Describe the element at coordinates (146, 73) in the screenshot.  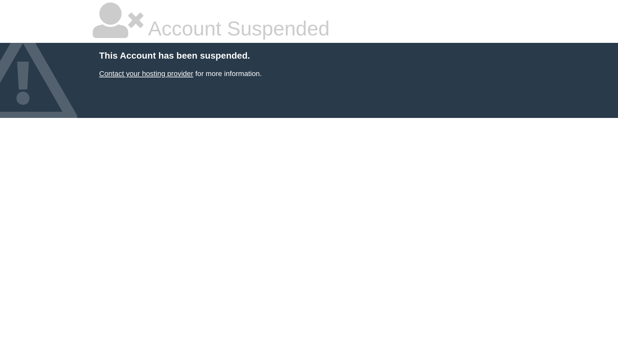
I see `'Contact your hosting provider'` at that location.